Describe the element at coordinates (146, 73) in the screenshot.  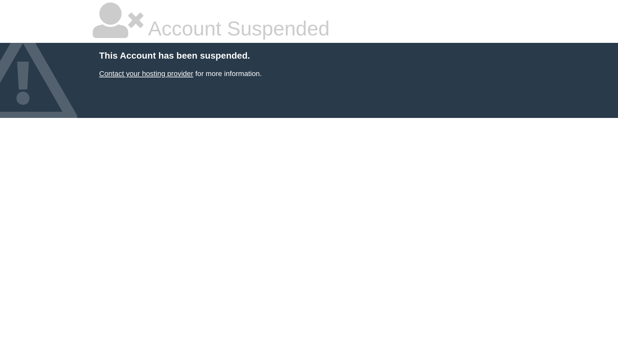
I see `'Contact your hosting provider'` at that location.